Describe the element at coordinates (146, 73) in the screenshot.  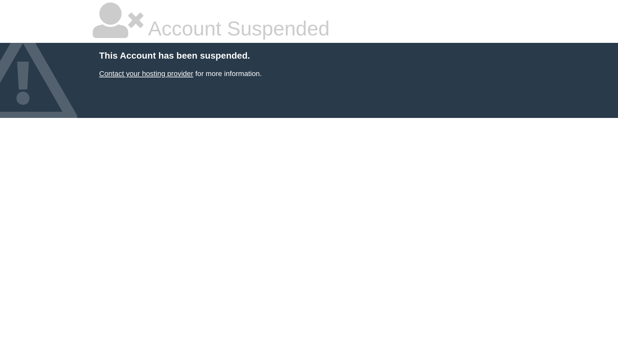
I see `'Contact your hosting provider'` at that location.